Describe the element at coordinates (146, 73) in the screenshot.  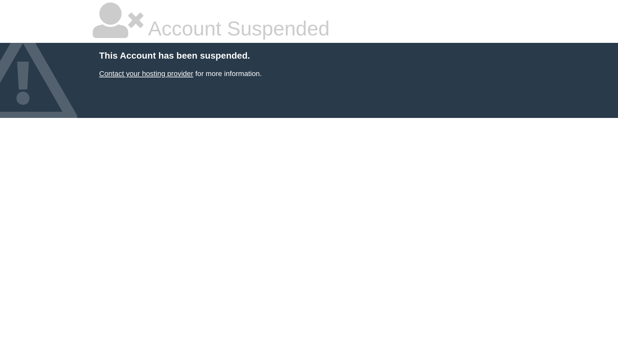
I see `'Contact your hosting provider'` at that location.